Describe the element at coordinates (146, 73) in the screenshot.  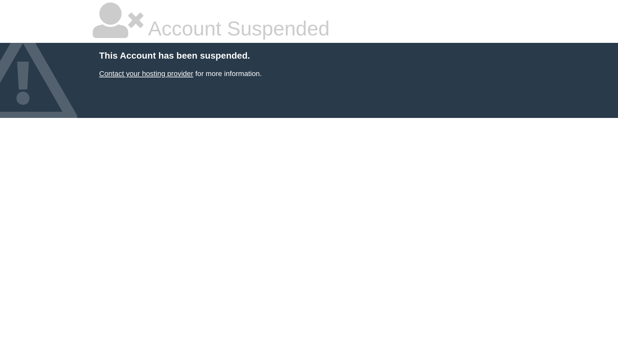
I see `'Contact your hosting provider'` at that location.